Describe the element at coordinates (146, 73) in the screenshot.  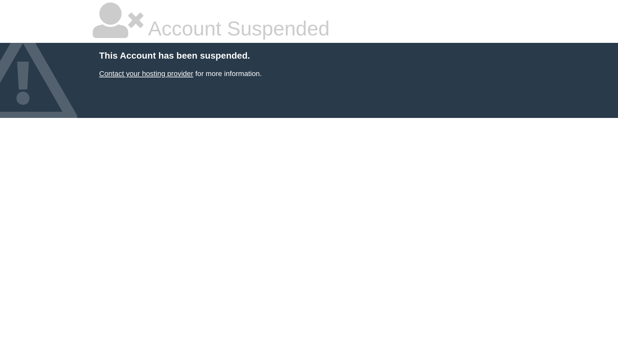
I see `'Contact your hosting provider'` at that location.